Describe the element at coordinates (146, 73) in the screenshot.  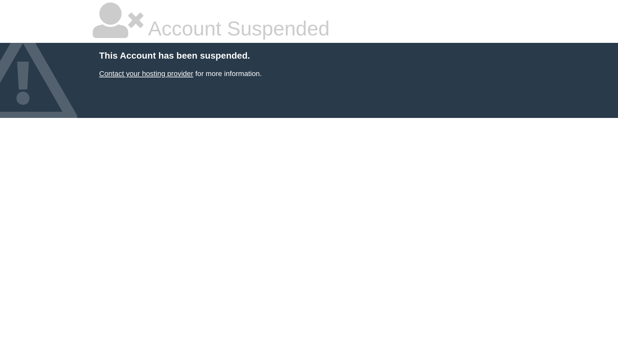
I see `'Contact your hosting provider'` at that location.